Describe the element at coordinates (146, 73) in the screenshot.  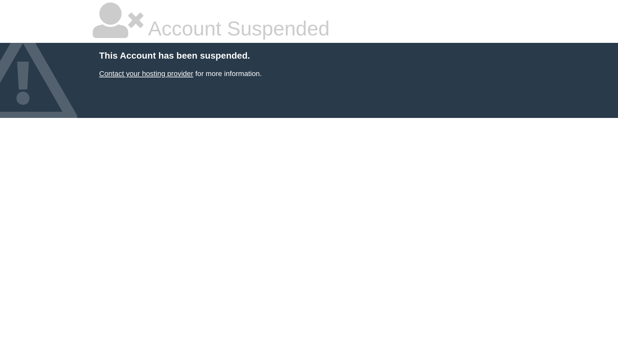
I see `'Contact your hosting provider'` at that location.